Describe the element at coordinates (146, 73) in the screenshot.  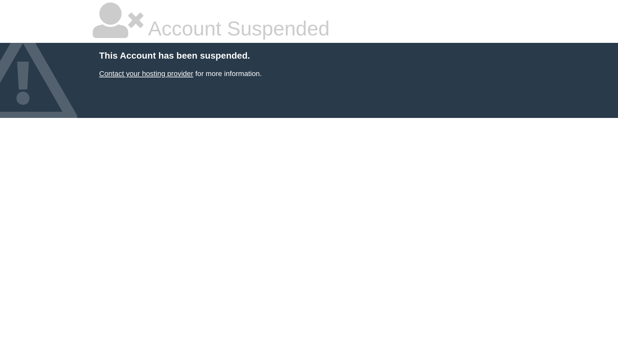
I see `'Contact your hosting provider'` at that location.